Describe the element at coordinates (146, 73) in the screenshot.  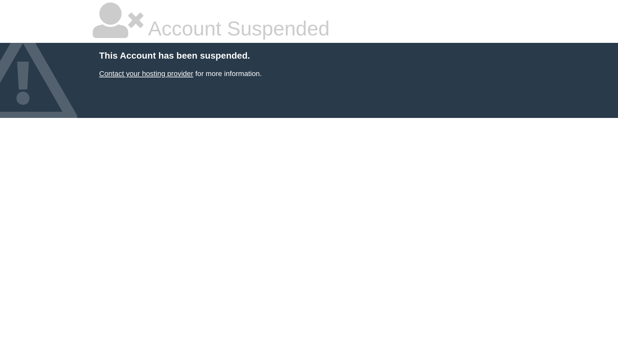
I see `'Contact your hosting provider'` at that location.